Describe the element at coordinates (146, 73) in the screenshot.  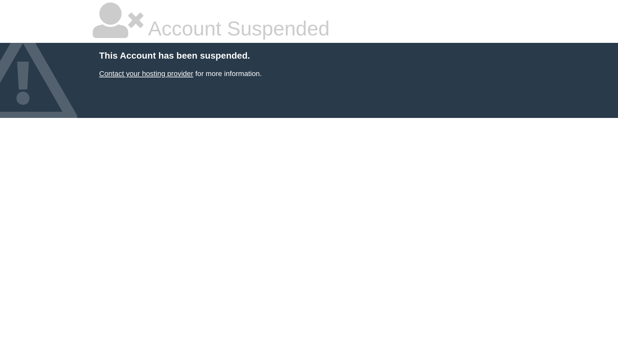
I see `'Contact your hosting provider'` at that location.